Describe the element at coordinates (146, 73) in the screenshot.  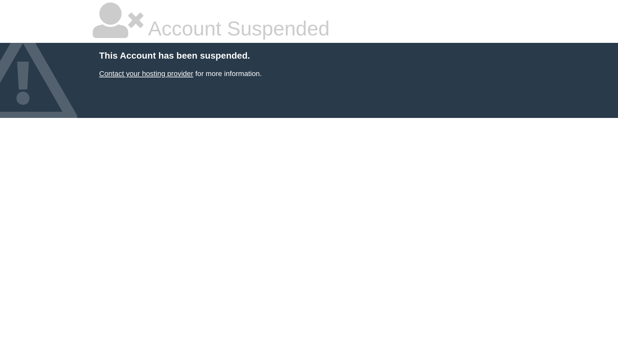
I see `'Contact your hosting provider'` at that location.